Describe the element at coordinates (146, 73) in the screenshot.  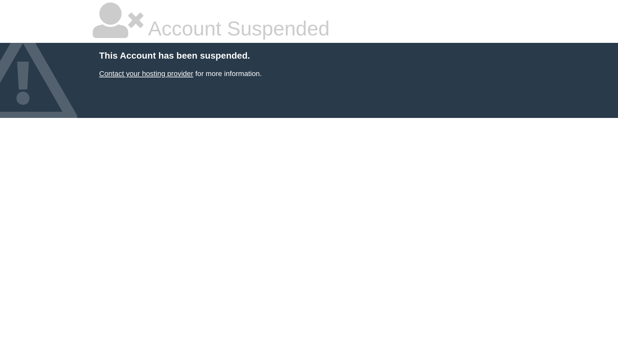
I see `'Contact your hosting provider'` at that location.